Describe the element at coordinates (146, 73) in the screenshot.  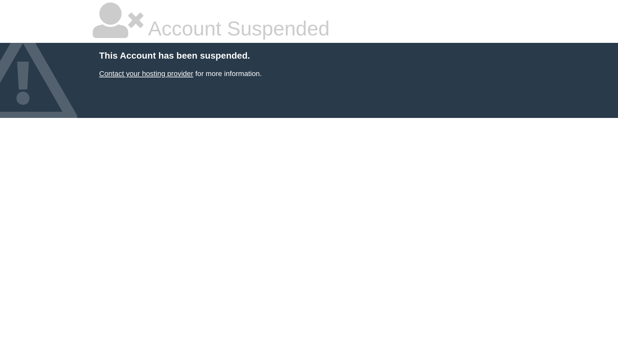
I see `'Contact your hosting provider'` at that location.